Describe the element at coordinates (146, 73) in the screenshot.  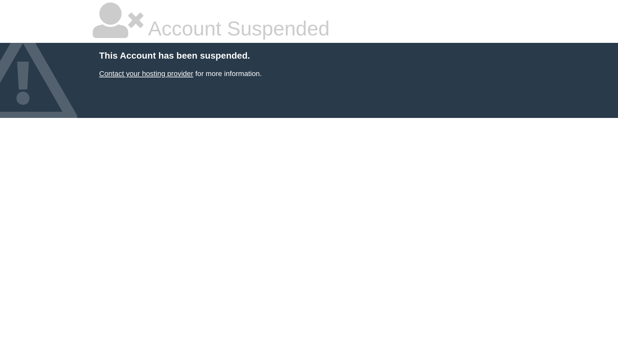
I see `'Contact your hosting provider'` at that location.